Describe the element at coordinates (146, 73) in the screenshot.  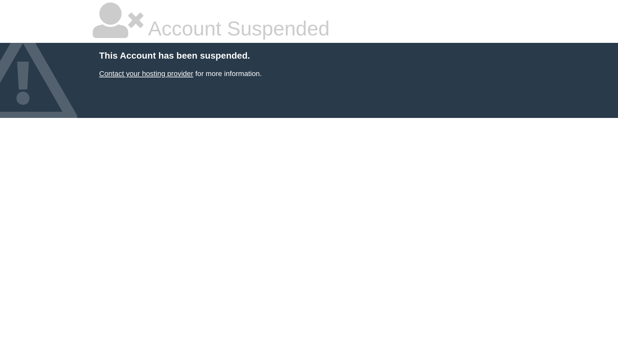
I see `'Contact your hosting provider'` at that location.